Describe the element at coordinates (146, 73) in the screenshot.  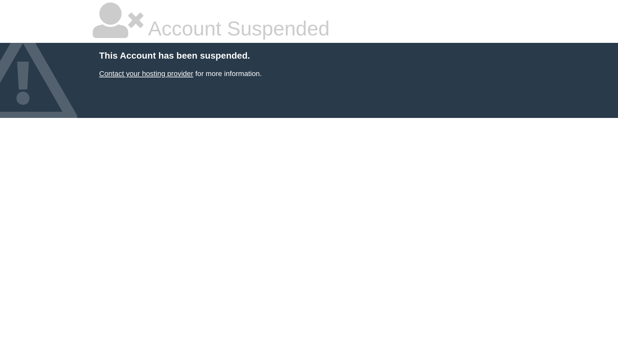
I see `'Contact your hosting provider'` at that location.